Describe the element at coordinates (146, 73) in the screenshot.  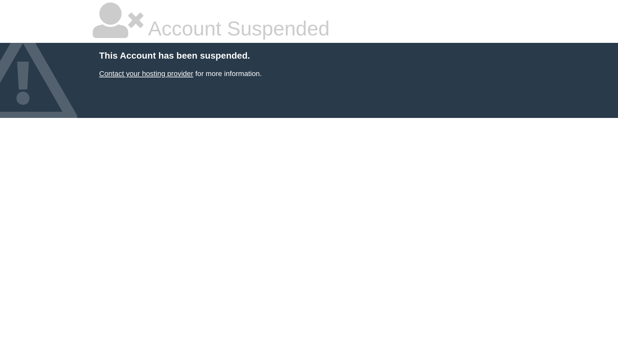
I see `'Contact your hosting provider'` at that location.